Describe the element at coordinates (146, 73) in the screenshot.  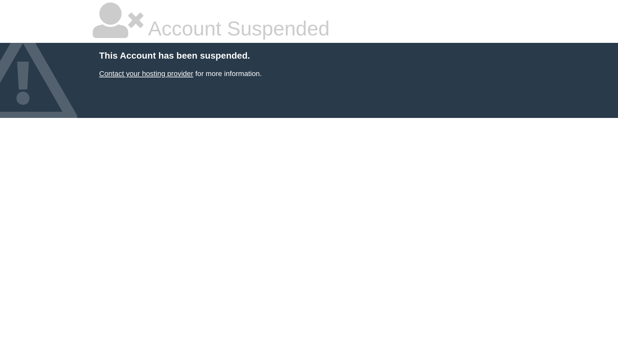
I see `'Contact your hosting provider'` at that location.